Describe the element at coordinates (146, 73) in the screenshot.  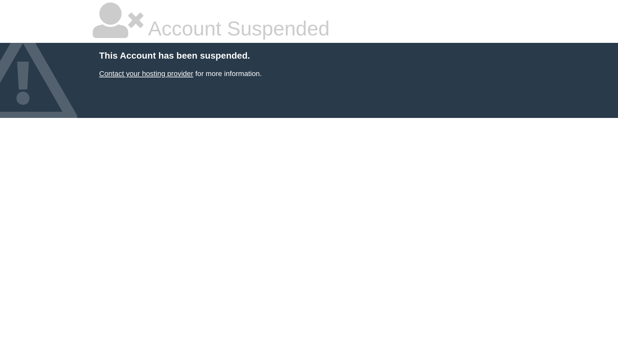
I see `'Contact your hosting provider'` at that location.